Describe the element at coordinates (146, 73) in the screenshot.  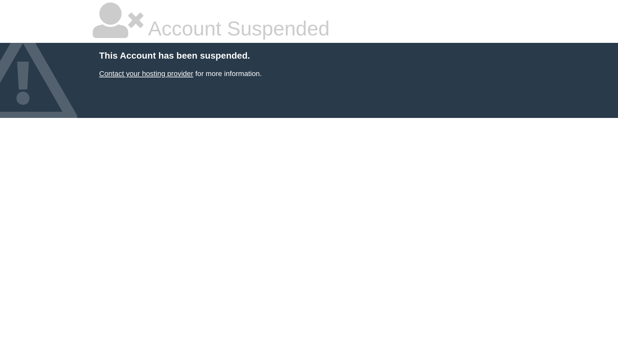
I see `'Contact your hosting provider'` at that location.